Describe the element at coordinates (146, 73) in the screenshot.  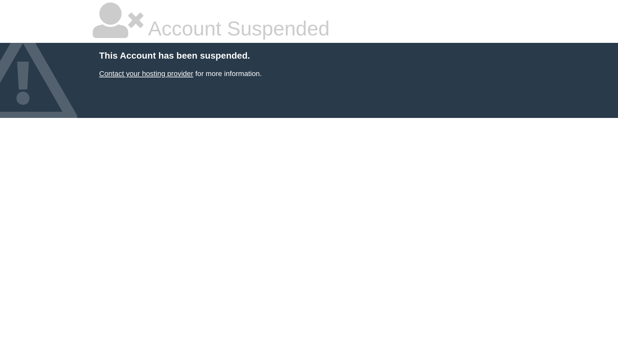
I see `'Contact your hosting provider'` at that location.